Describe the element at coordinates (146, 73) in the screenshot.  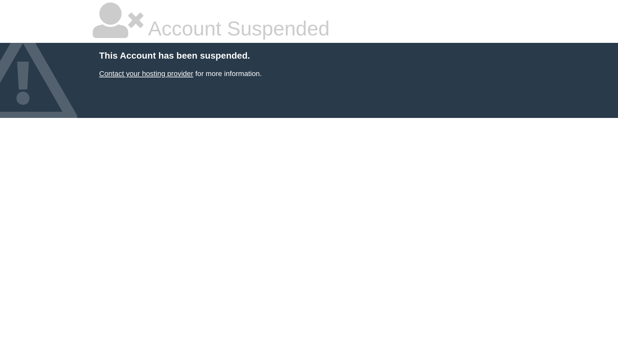
I see `'Contact your hosting provider'` at that location.